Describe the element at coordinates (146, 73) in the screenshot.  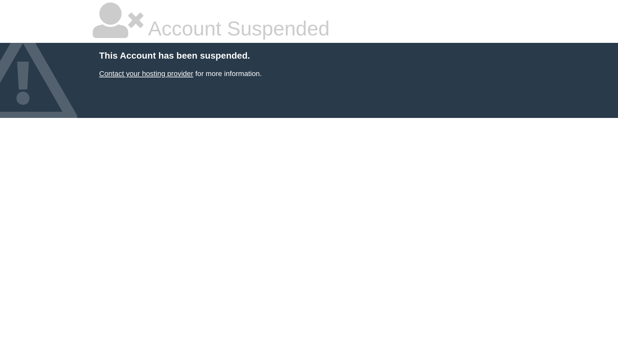
I see `'Contact your hosting provider'` at that location.